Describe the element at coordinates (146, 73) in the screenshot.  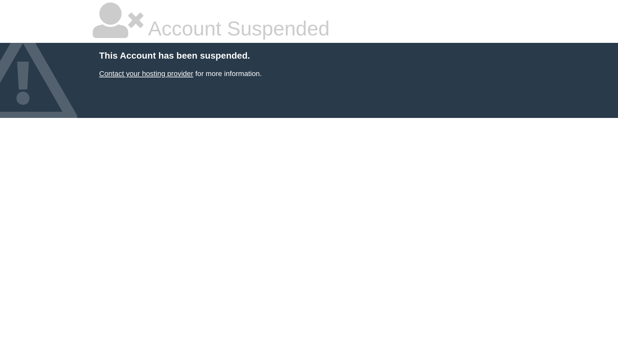
I see `'Contact your hosting provider'` at that location.